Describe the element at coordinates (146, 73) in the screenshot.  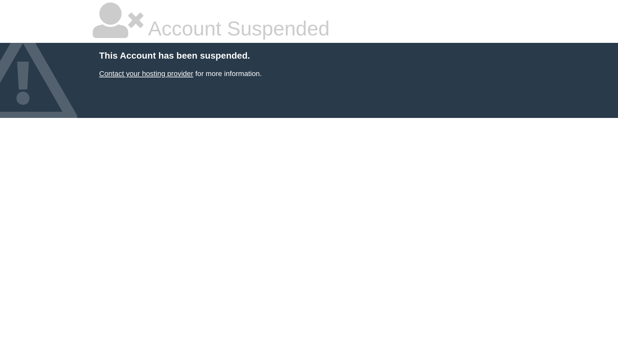
I see `'Contact your hosting provider'` at that location.